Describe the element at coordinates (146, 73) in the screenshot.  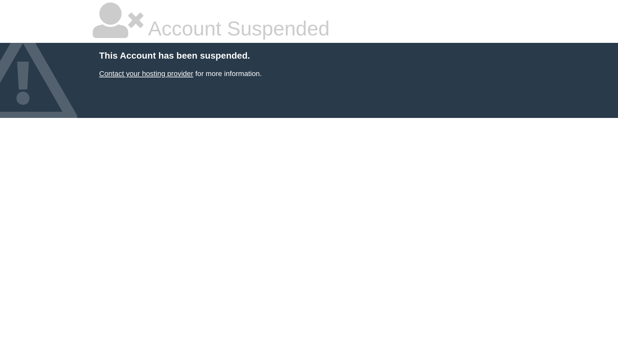
I see `'Contact your hosting provider'` at that location.